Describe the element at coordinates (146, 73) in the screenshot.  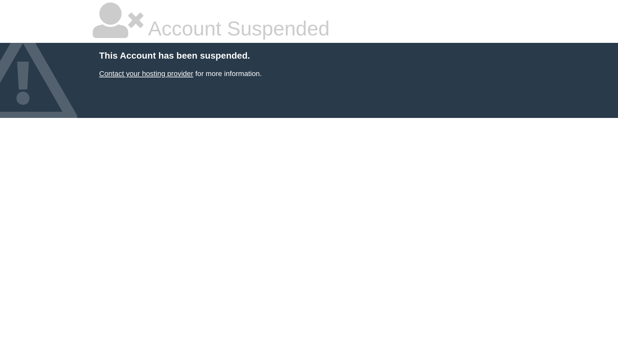
I see `'Contact your hosting provider'` at that location.